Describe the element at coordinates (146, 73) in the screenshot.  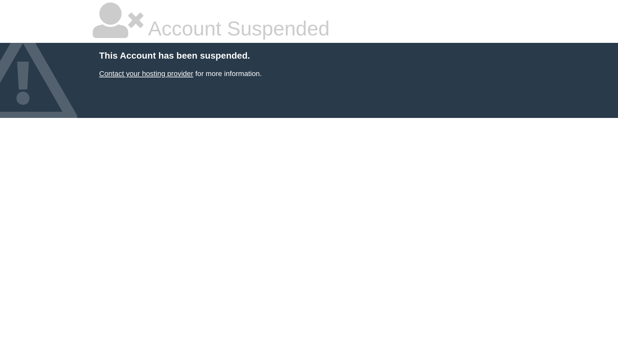
I see `'Contact your hosting provider'` at that location.